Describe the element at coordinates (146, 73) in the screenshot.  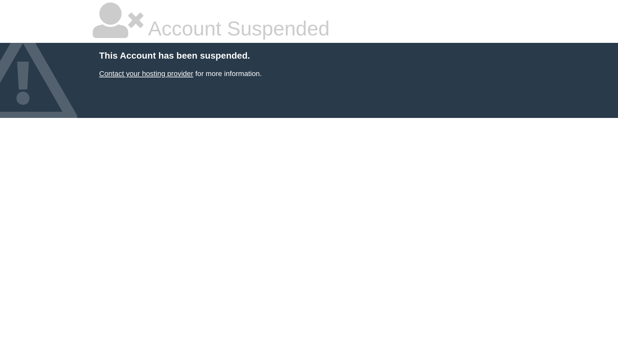
I see `'Contact your hosting provider'` at that location.